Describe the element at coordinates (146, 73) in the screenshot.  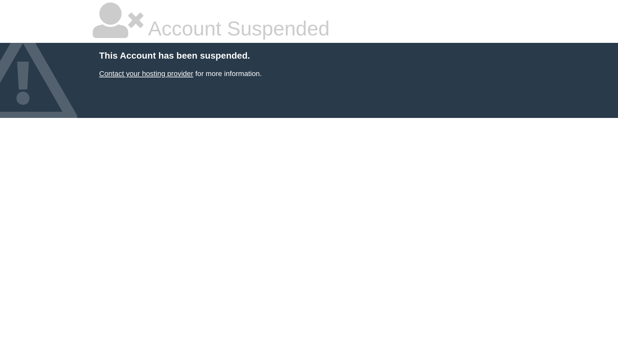
I see `'Contact your hosting provider'` at that location.